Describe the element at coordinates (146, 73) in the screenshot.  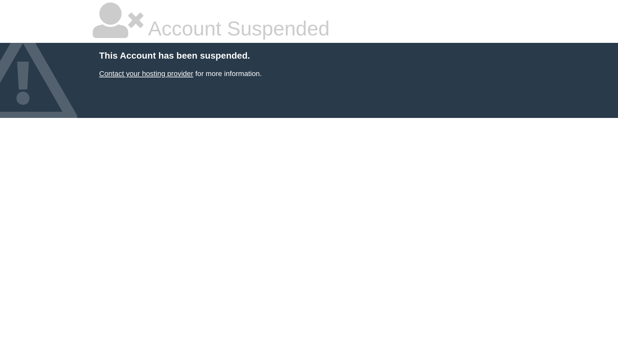
I see `'Contact your hosting provider'` at that location.